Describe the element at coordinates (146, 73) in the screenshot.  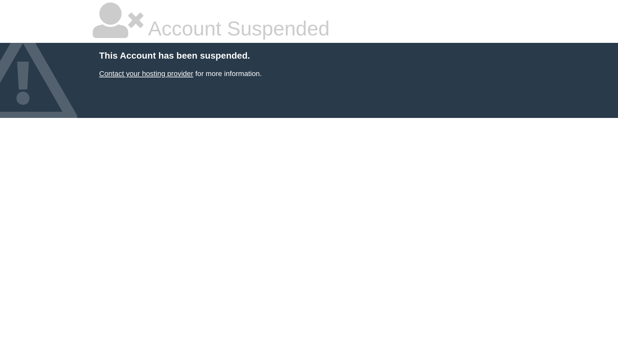
I see `'Contact your hosting provider'` at that location.